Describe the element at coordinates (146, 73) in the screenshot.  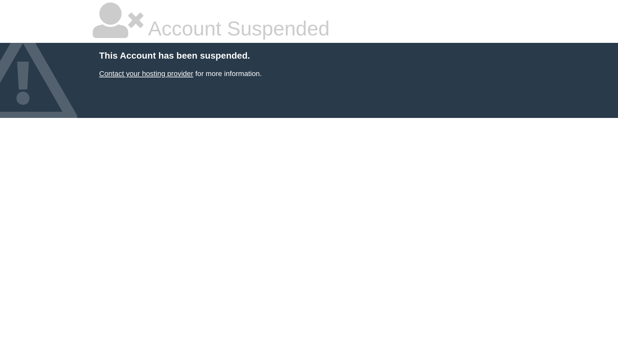
I see `'Contact your hosting provider'` at that location.